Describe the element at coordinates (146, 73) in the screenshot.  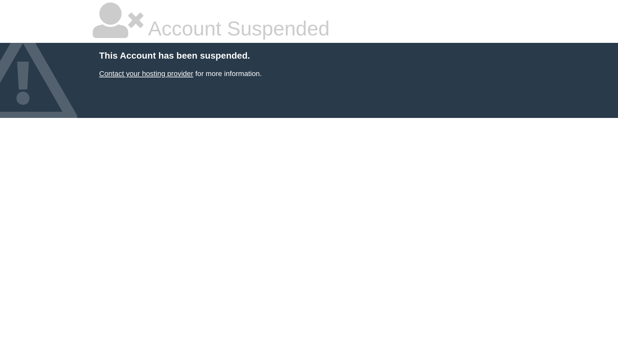
I see `'Contact your hosting provider'` at that location.